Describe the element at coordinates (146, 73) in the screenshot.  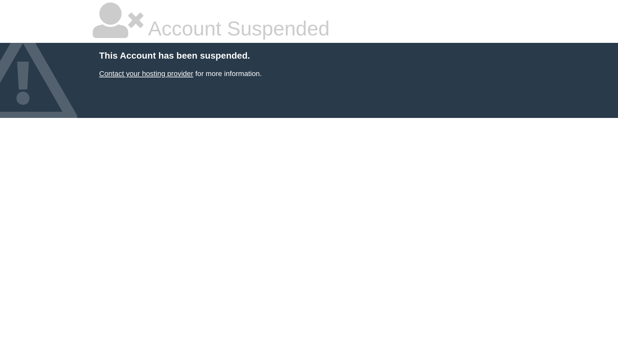
I see `'Contact your hosting provider'` at that location.